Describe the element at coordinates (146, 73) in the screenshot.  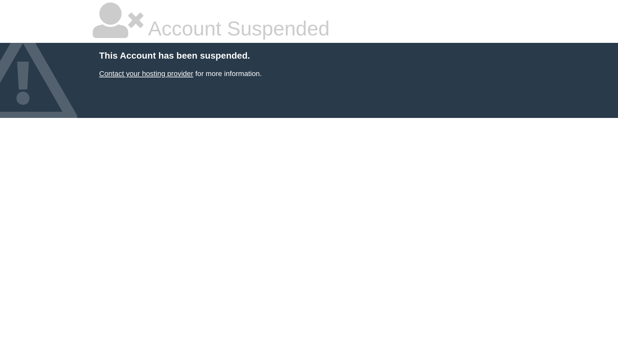
I see `'Contact your hosting provider'` at that location.